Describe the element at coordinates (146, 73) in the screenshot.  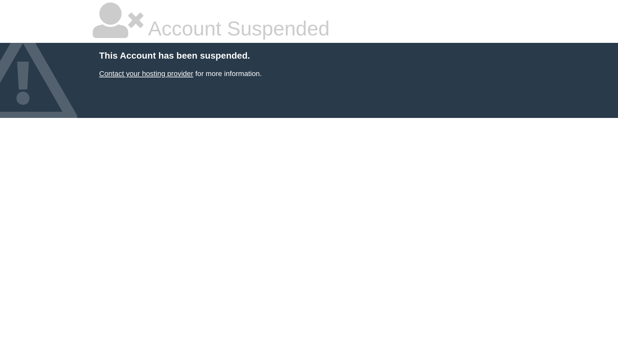
I see `'Contact your hosting provider'` at that location.